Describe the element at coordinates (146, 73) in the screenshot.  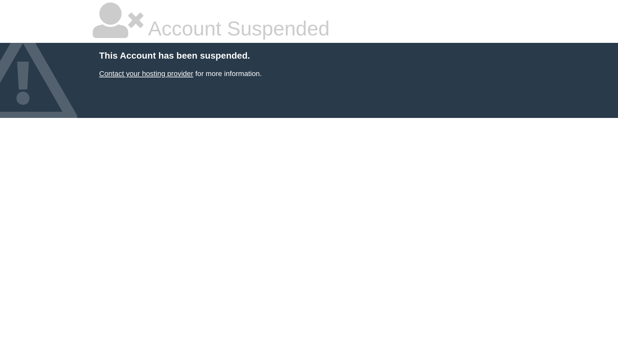
I see `'Contact your hosting provider'` at that location.